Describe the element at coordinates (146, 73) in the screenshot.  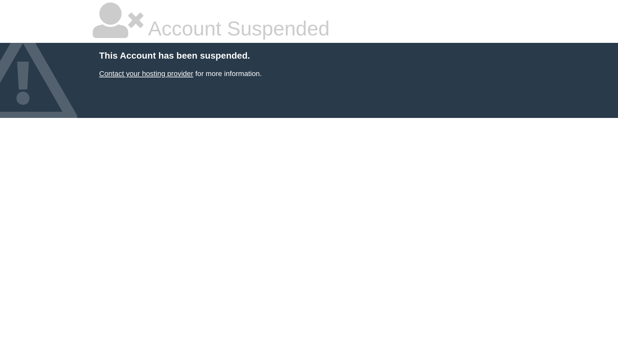
I see `'Contact your hosting provider'` at that location.